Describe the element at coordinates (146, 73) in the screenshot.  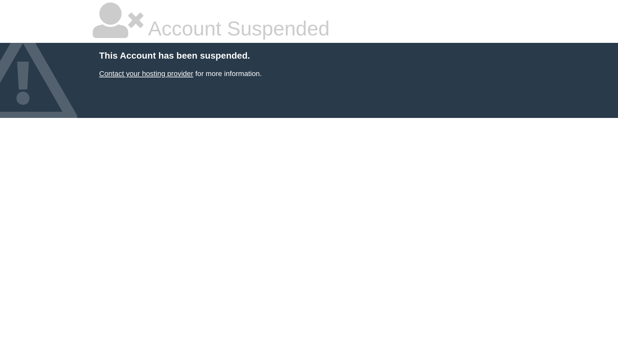
I see `'Contact your hosting provider'` at that location.